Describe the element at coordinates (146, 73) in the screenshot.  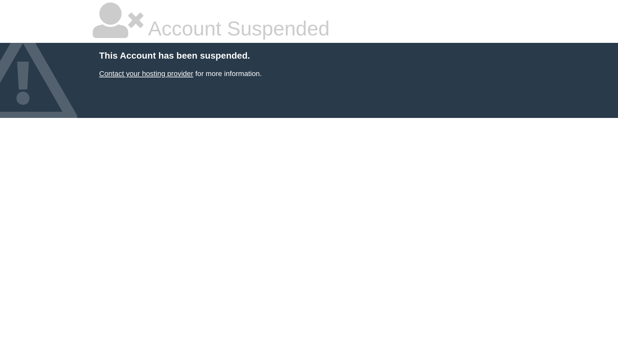
I see `'Contact your hosting provider'` at that location.